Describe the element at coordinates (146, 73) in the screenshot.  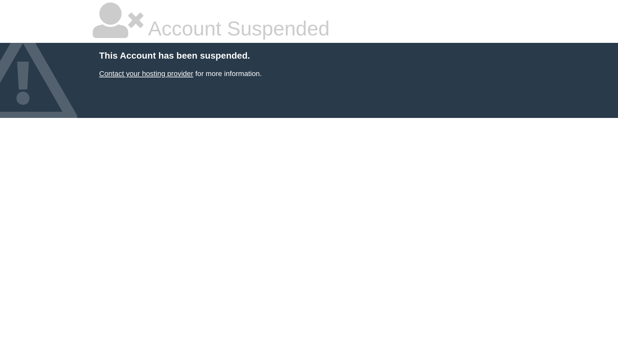
I see `'Contact your hosting provider'` at that location.